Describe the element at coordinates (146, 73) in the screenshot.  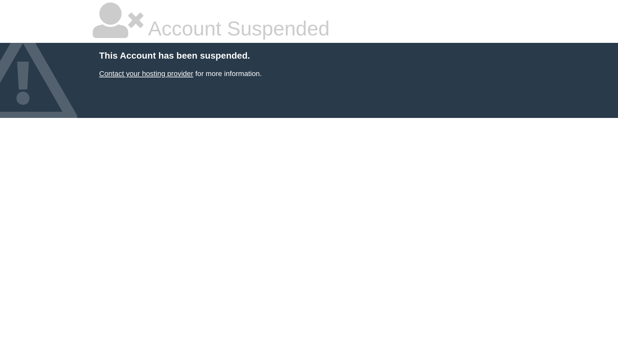
I see `'Contact your hosting provider'` at that location.